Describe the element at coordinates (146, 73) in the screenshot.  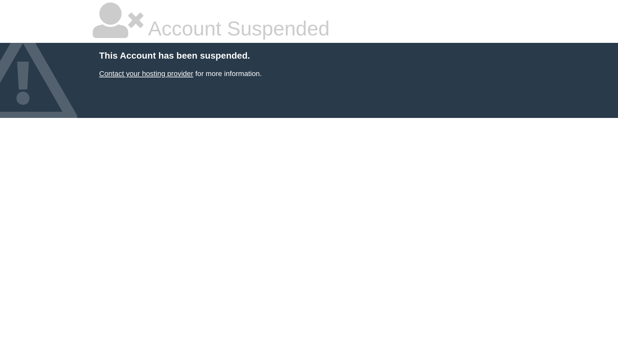
I see `'Contact your hosting provider'` at that location.